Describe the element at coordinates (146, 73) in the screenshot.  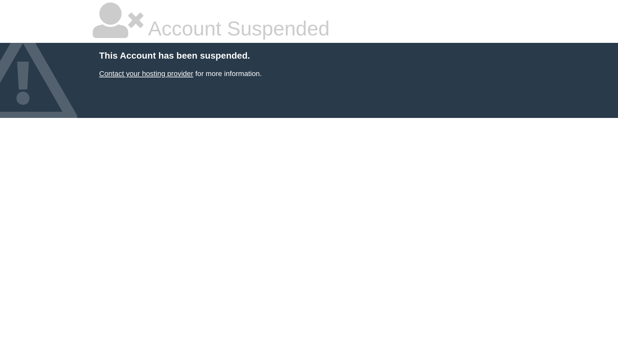
I see `'Contact your hosting provider'` at that location.